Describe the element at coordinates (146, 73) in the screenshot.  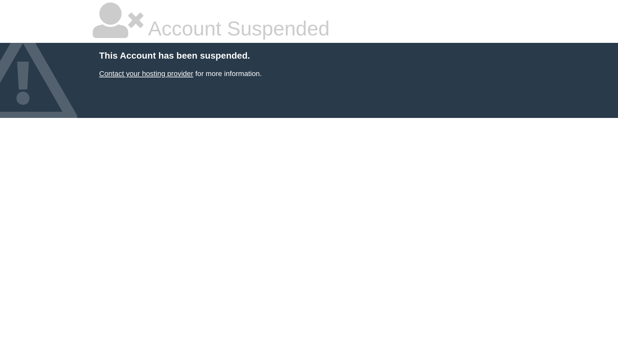
I see `'Contact your hosting provider'` at that location.